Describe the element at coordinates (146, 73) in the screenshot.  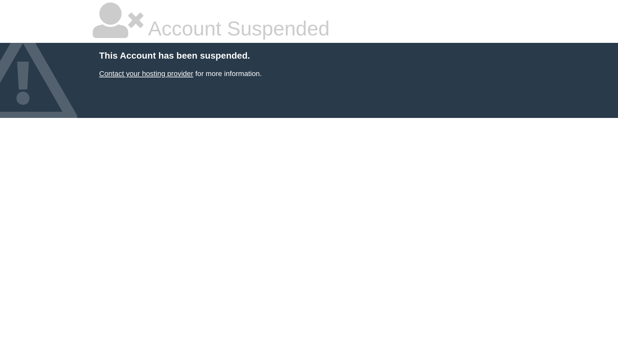
I see `'Contact your hosting provider'` at that location.